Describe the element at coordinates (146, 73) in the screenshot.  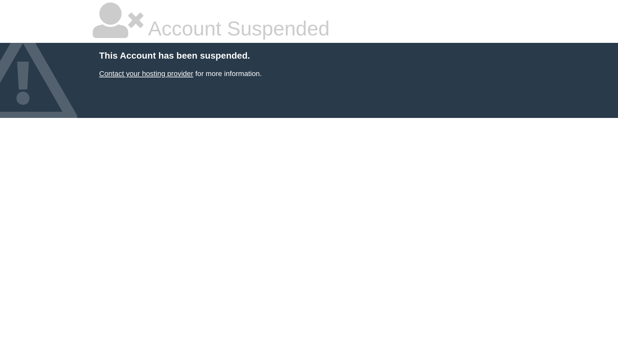
I see `'Contact your hosting provider'` at that location.